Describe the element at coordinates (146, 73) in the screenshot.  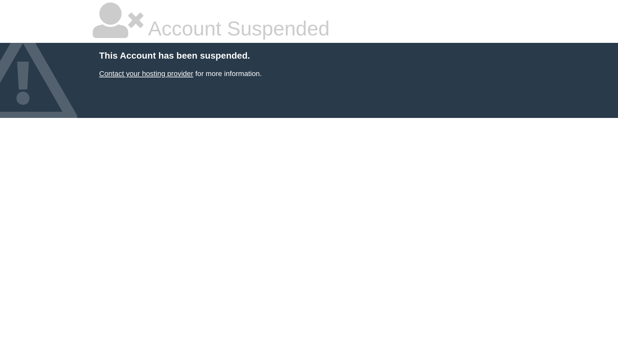
I see `'Contact your hosting provider'` at that location.